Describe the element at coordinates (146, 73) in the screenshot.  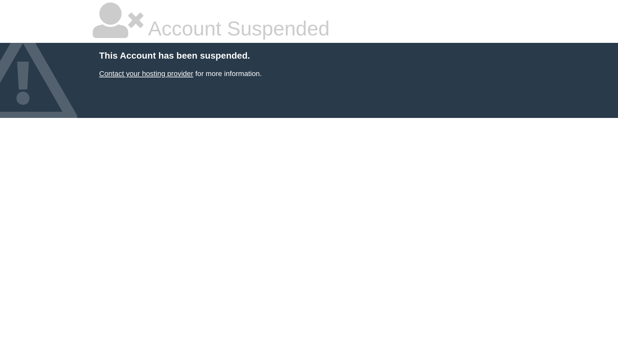
I see `'Contact your hosting provider'` at that location.